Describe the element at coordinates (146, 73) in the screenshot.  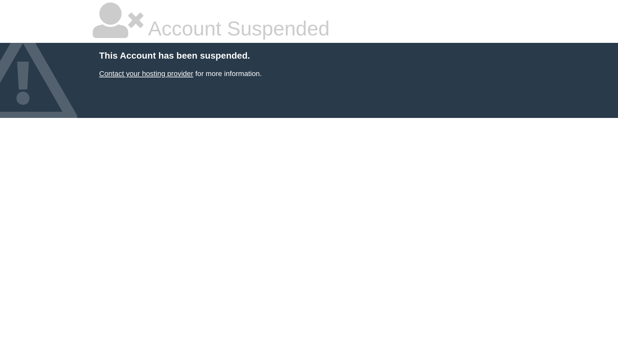
I see `'Contact your hosting provider'` at that location.